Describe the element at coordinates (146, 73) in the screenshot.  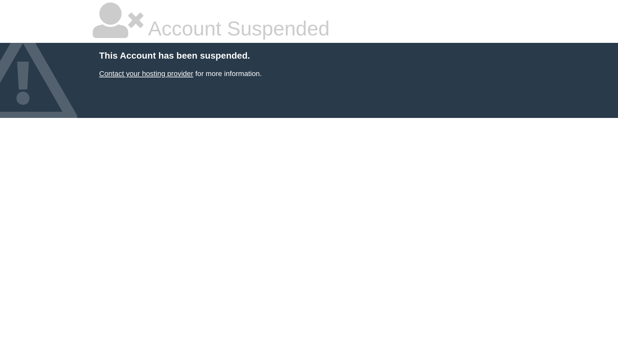
I see `'Contact your hosting provider'` at that location.